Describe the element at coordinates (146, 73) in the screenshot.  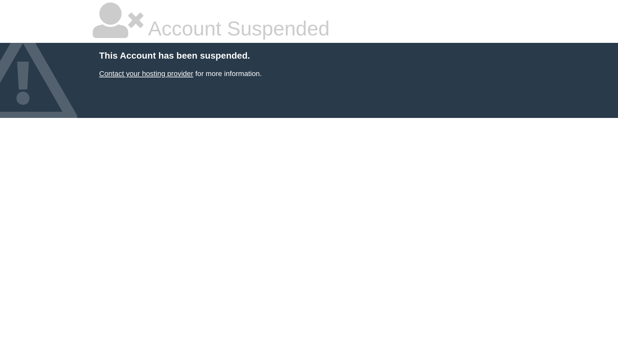
I see `'Contact your hosting provider'` at that location.